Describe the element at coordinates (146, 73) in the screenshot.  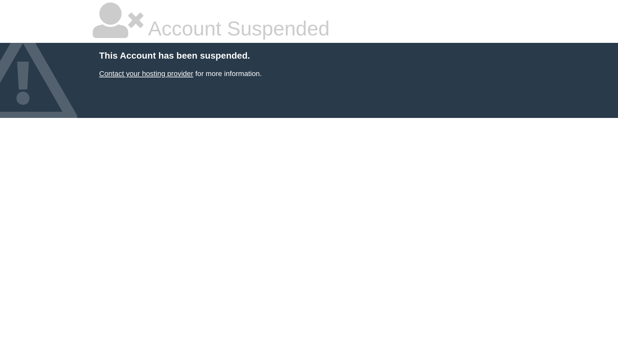
I see `'Contact your hosting provider'` at that location.